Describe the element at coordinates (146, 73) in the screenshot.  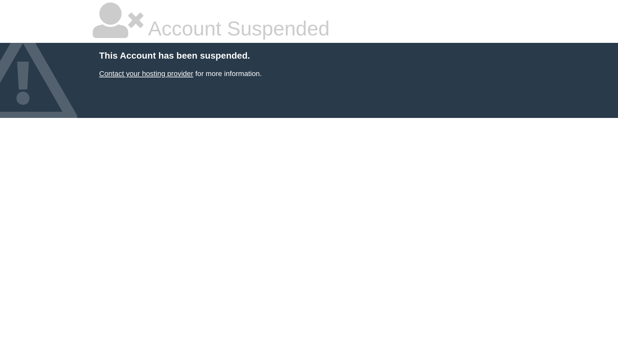
I see `'Contact your hosting provider'` at that location.